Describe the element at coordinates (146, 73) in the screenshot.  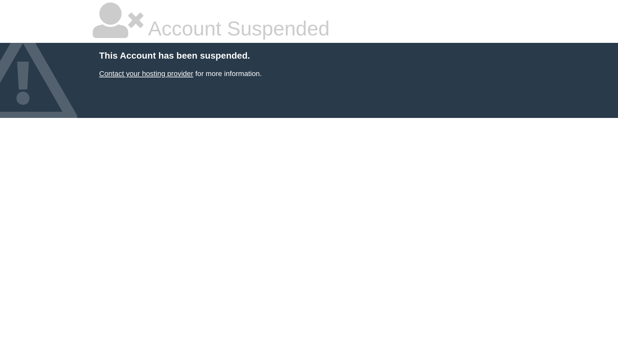
I see `'Contact your hosting provider'` at that location.